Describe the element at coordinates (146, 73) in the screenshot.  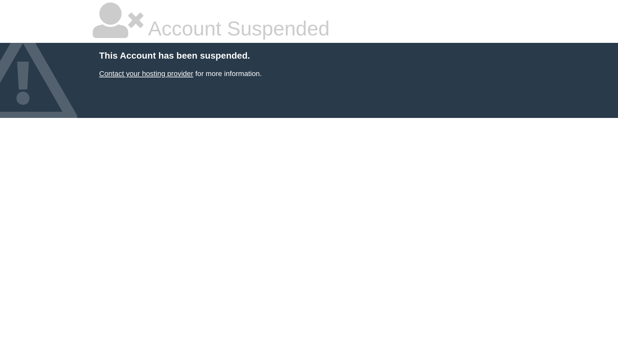
I see `'Contact your hosting provider'` at that location.